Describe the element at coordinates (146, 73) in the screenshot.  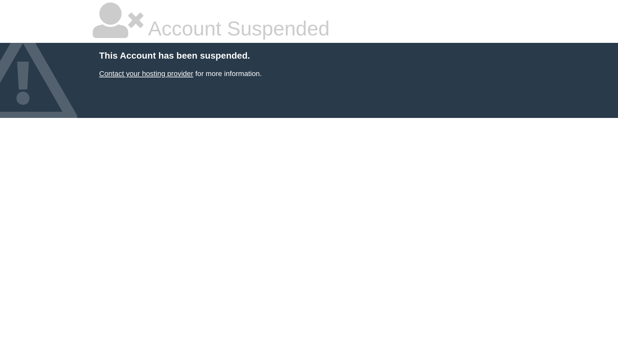
I see `'Contact your hosting provider'` at that location.